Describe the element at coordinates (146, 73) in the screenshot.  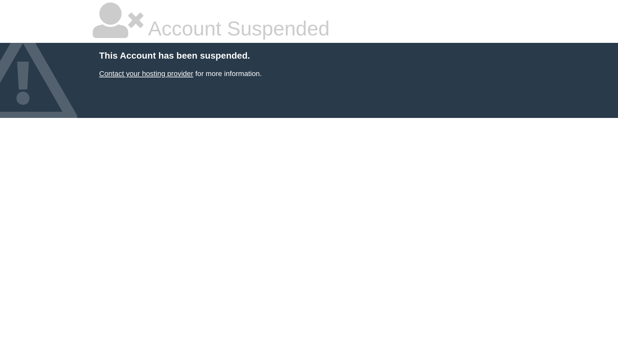
I see `'Contact your hosting provider'` at that location.